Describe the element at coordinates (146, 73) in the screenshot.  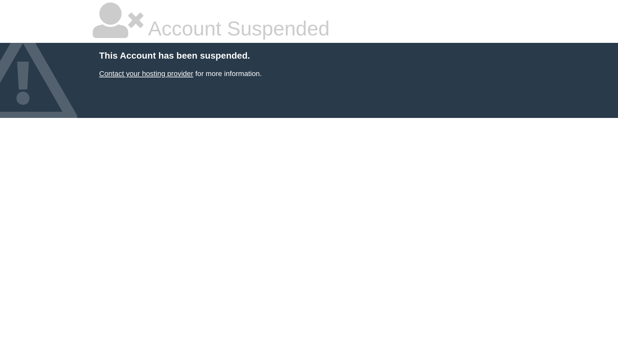
I see `'Contact your hosting provider'` at that location.